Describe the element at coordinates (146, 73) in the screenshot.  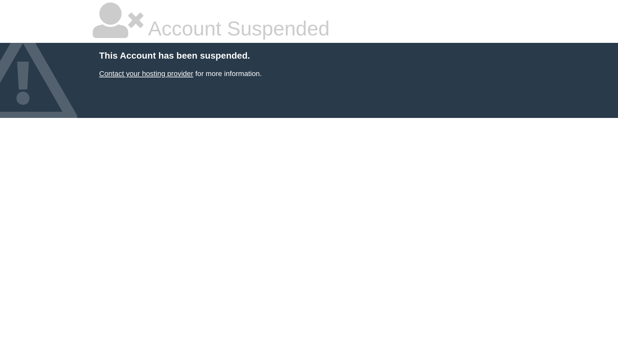
I see `'Contact your hosting provider'` at that location.